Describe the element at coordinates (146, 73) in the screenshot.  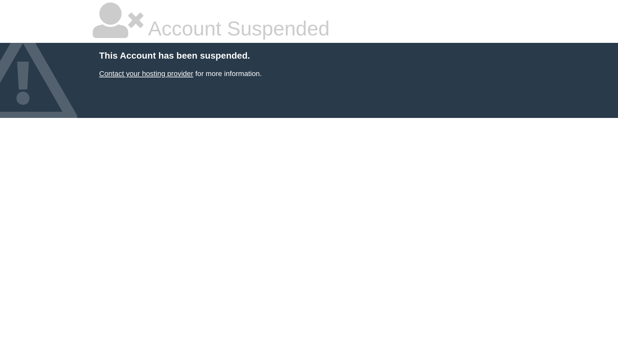
I see `'Contact your hosting provider'` at that location.